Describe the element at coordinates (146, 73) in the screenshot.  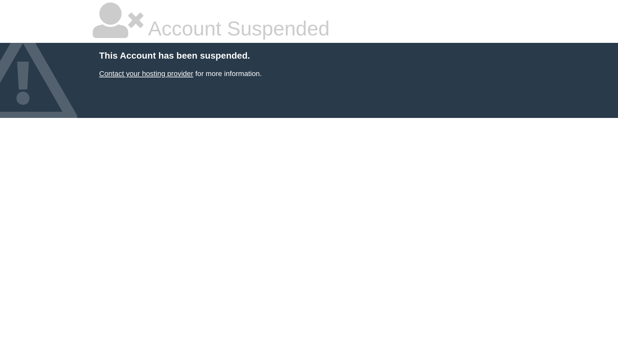
I see `'Contact your hosting provider'` at that location.